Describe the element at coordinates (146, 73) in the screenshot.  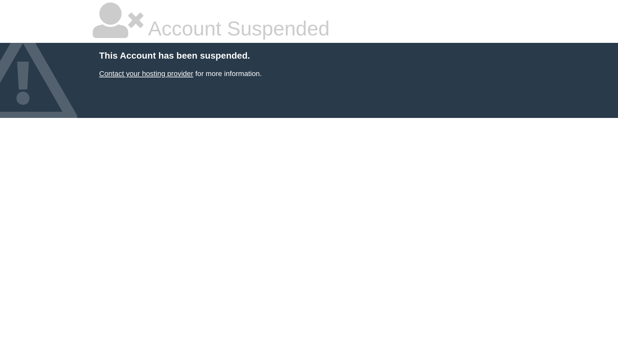
I see `'Contact your hosting provider'` at that location.